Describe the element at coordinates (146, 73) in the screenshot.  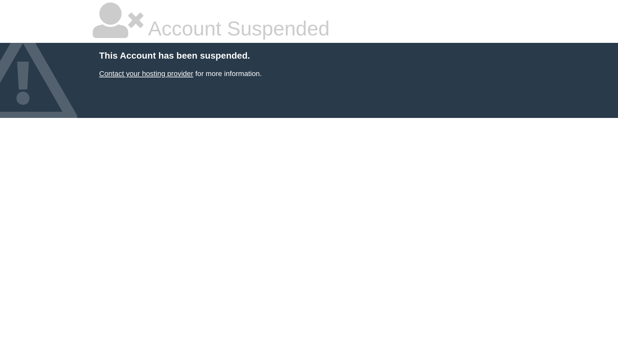
I see `'Contact your hosting provider'` at that location.